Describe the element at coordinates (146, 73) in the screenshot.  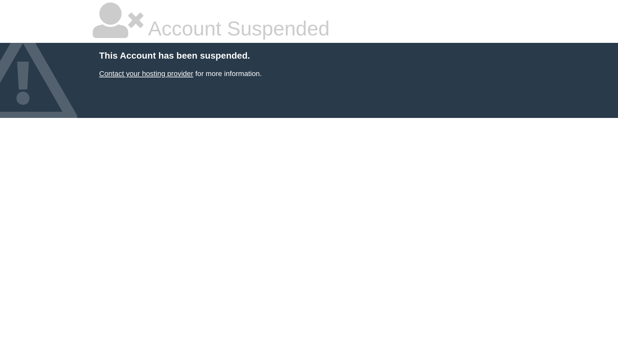
I see `'Contact your hosting provider'` at that location.